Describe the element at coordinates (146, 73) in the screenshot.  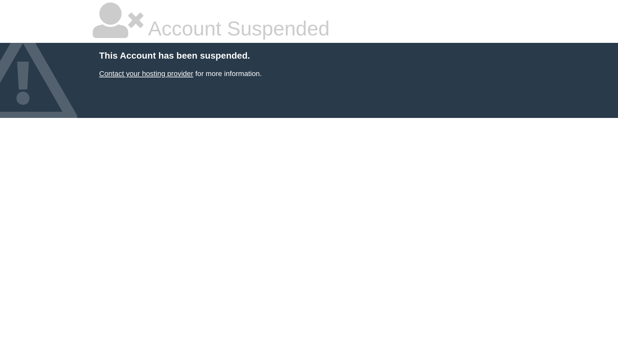
I see `'Contact your hosting provider'` at that location.